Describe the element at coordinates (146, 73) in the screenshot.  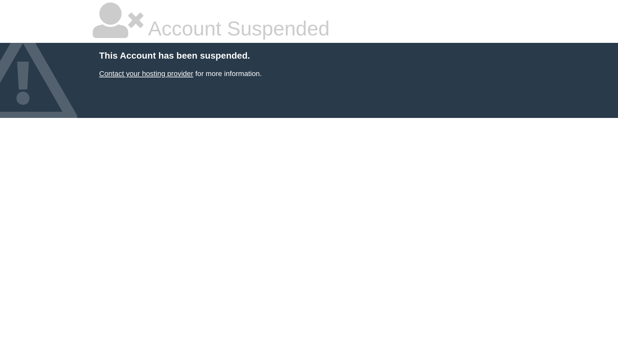
I see `'Contact your hosting provider'` at that location.